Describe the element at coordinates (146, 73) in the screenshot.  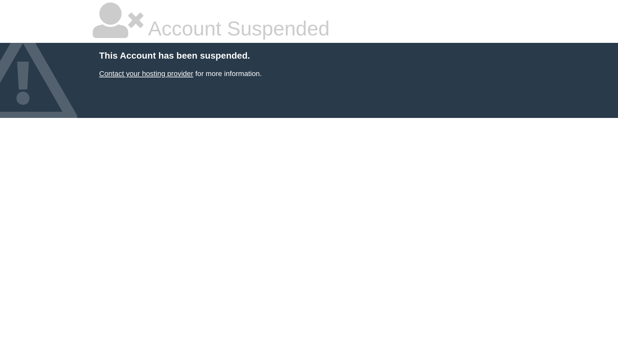
I see `'Contact your hosting provider'` at that location.